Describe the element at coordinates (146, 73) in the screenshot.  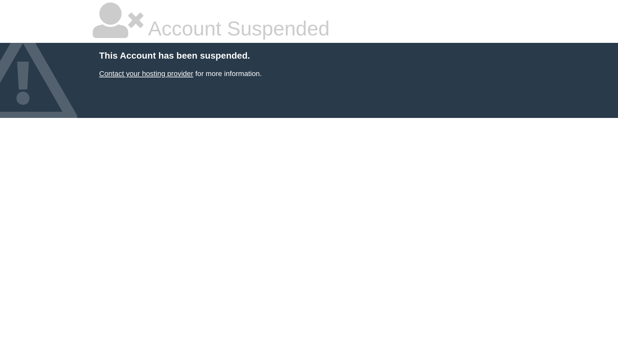
I see `'Contact your hosting provider'` at that location.